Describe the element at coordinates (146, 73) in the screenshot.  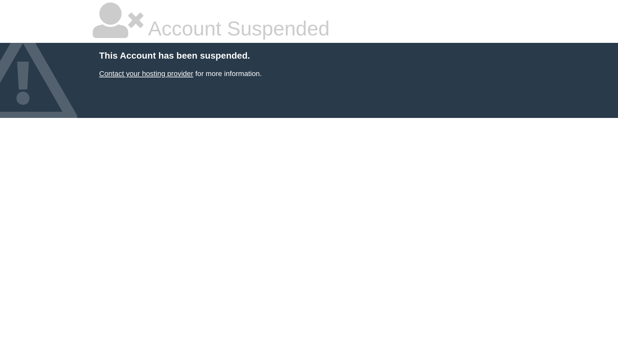
I see `'Contact your hosting provider'` at that location.